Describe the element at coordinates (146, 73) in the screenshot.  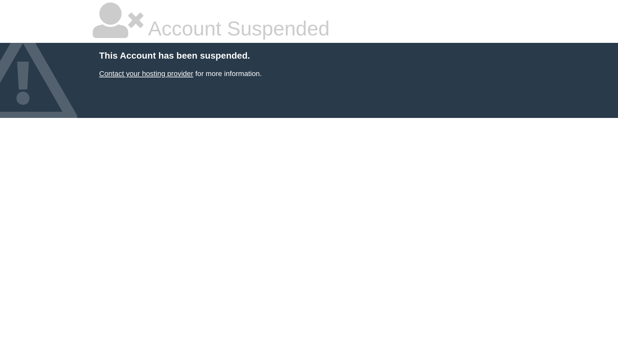
I see `'Contact your hosting provider'` at that location.